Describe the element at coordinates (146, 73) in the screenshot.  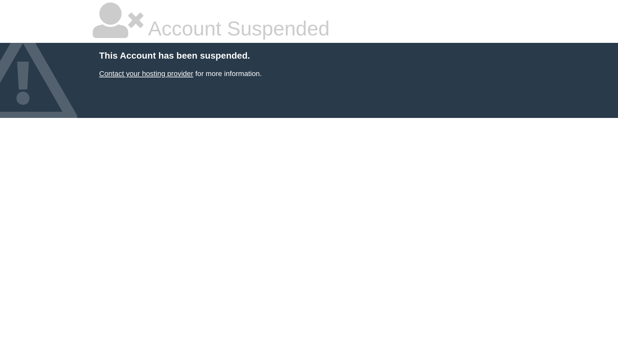
I see `'Contact your hosting provider'` at that location.